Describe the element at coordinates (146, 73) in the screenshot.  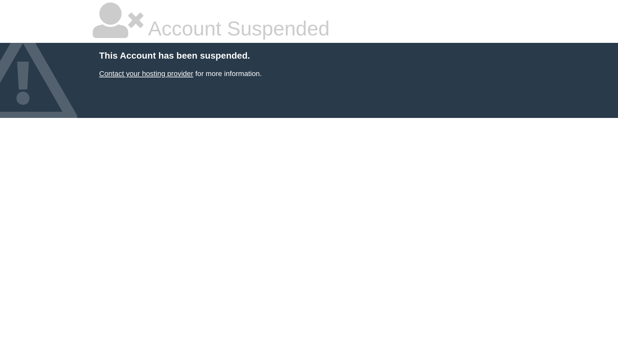
I see `'Contact your hosting provider'` at that location.